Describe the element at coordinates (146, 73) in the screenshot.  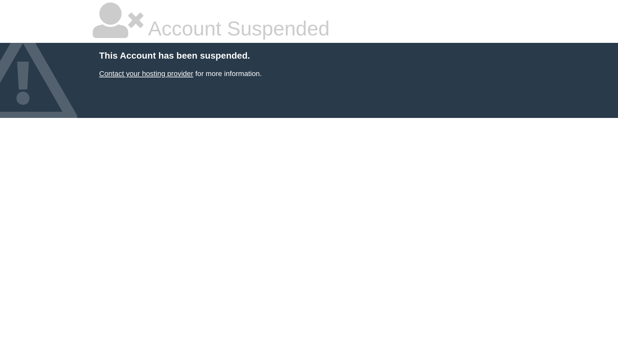
I see `'Contact your hosting provider'` at that location.